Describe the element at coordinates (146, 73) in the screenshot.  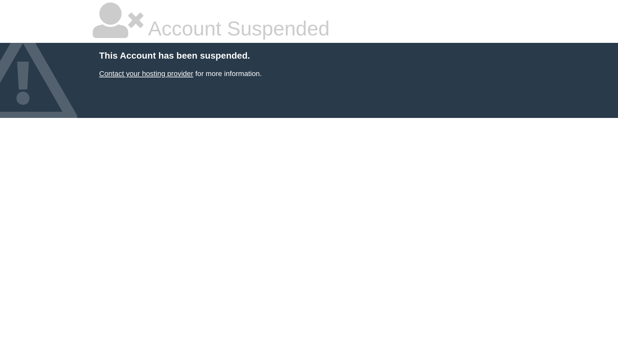
I see `'Contact your hosting provider'` at that location.